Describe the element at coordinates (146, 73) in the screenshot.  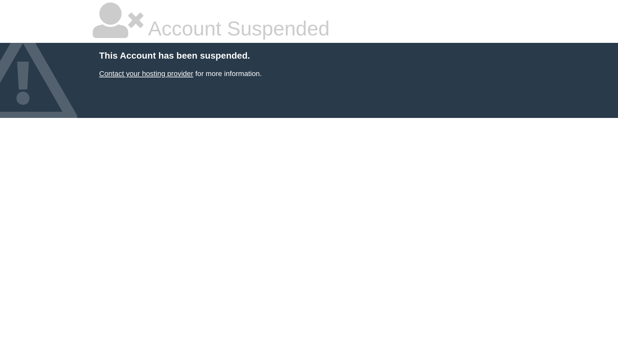
I see `'Contact your hosting provider'` at that location.